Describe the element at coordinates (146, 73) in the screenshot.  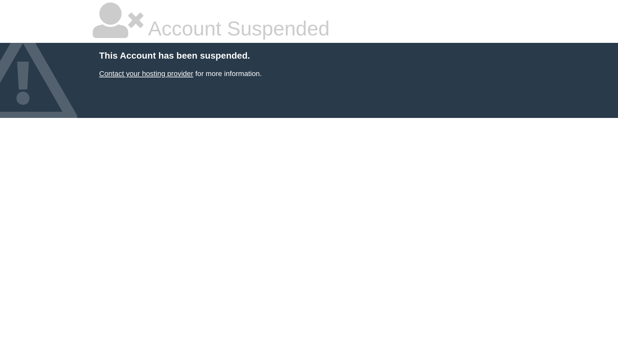
I see `'Contact your hosting provider'` at that location.